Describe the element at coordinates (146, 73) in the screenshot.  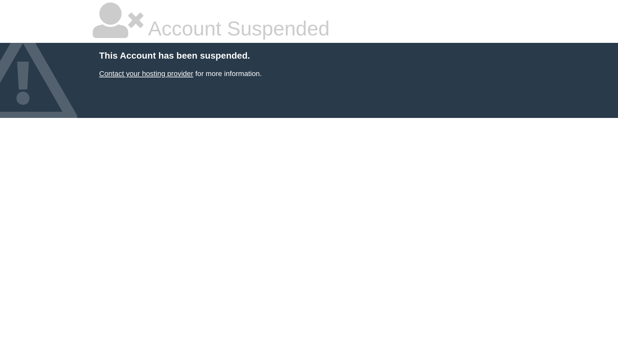
I see `'Contact your hosting provider'` at that location.